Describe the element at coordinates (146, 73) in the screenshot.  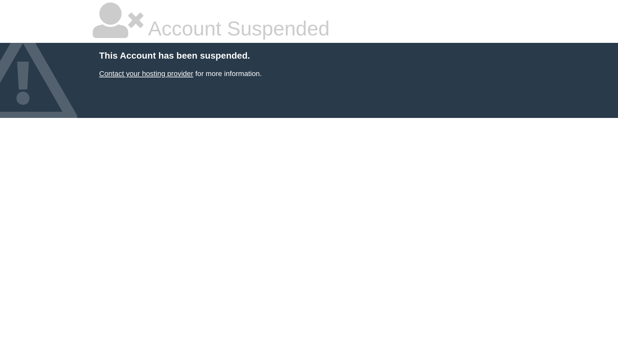
I see `'Contact your hosting provider'` at that location.